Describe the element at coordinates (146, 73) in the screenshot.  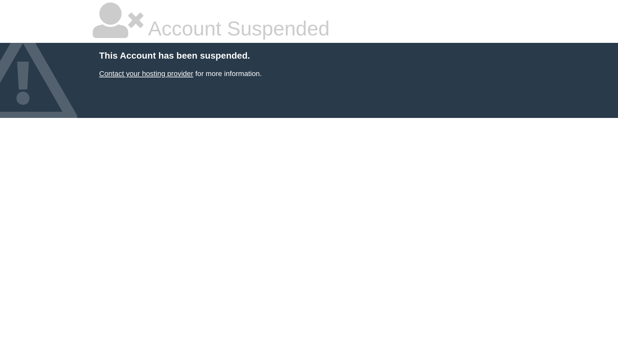
I see `'Contact your hosting provider'` at that location.